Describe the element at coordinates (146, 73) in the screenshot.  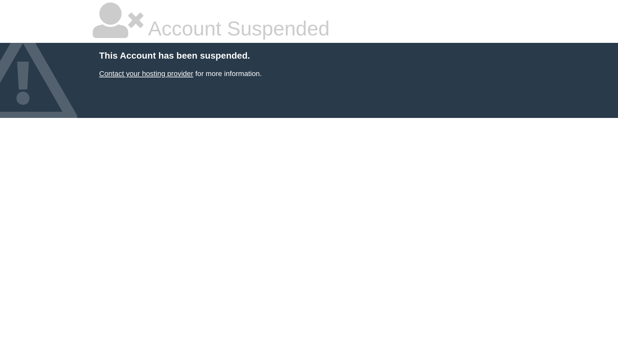
I see `'Contact your hosting provider'` at that location.